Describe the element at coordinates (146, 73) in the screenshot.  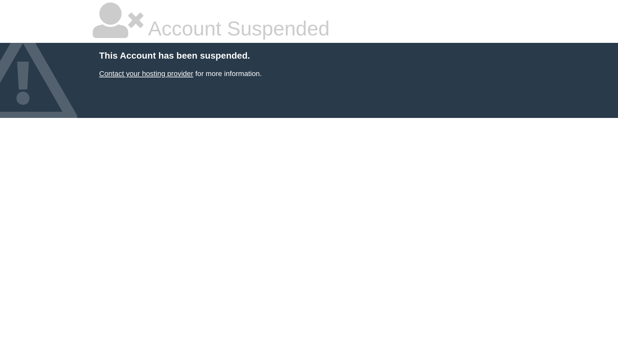
I see `'Contact your hosting provider'` at that location.